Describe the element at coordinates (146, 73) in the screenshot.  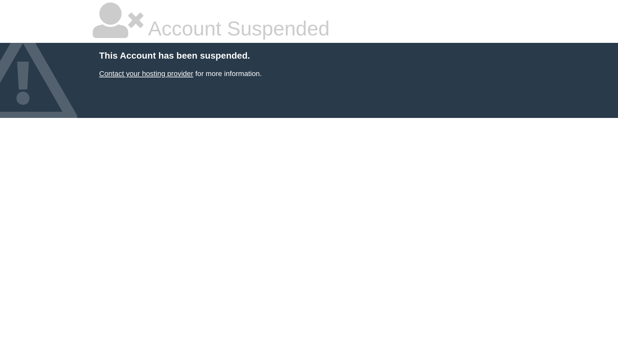
I see `'Contact your hosting provider'` at that location.